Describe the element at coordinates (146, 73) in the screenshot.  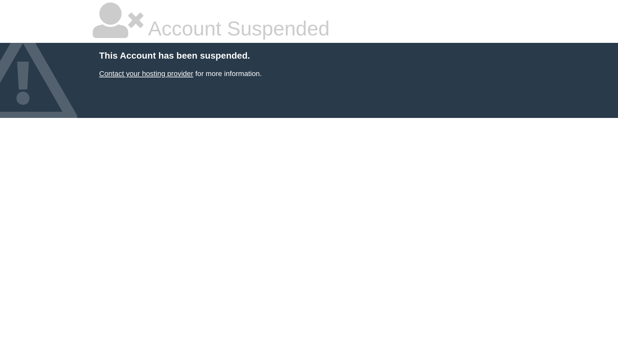
I see `'Contact your hosting provider'` at that location.